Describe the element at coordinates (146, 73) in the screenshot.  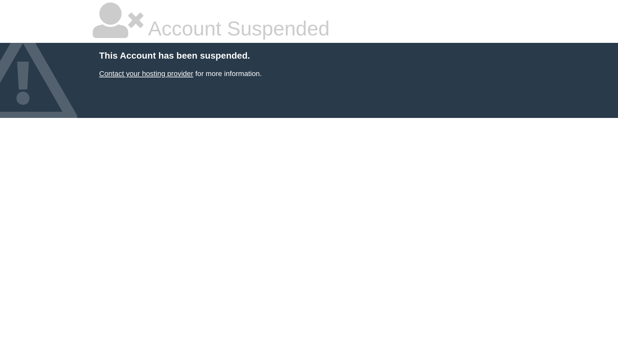
I see `'Contact your hosting provider'` at that location.